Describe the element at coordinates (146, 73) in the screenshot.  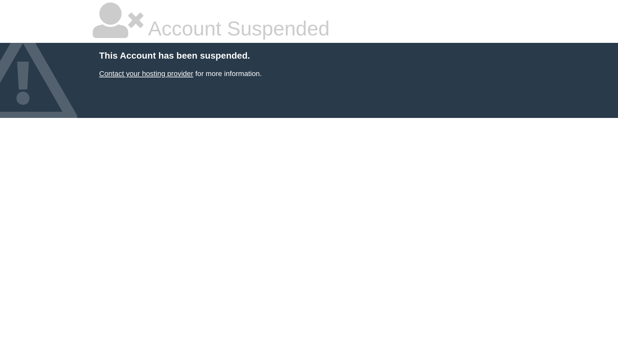
I see `'Contact your hosting provider'` at that location.